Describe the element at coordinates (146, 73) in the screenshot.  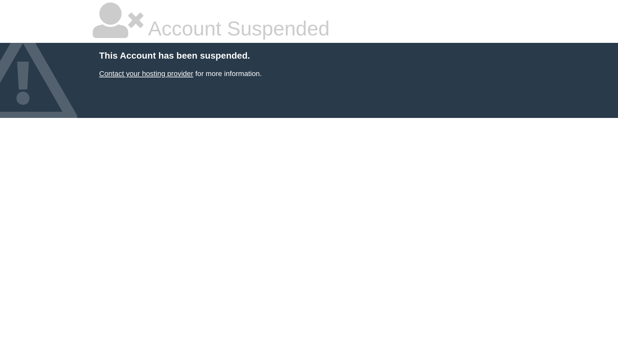
I see `'Contact your hosting provider'` at that location.